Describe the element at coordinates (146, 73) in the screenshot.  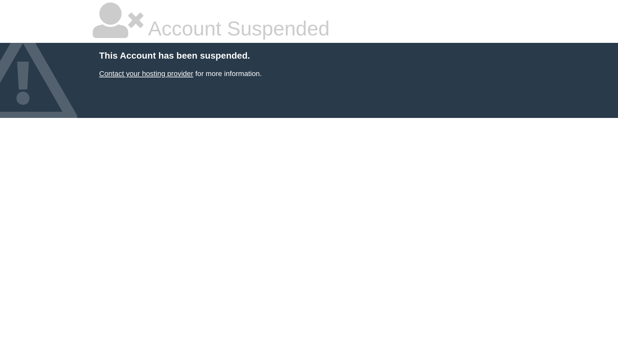
I see `'Contact your hosting provider'` at that location.